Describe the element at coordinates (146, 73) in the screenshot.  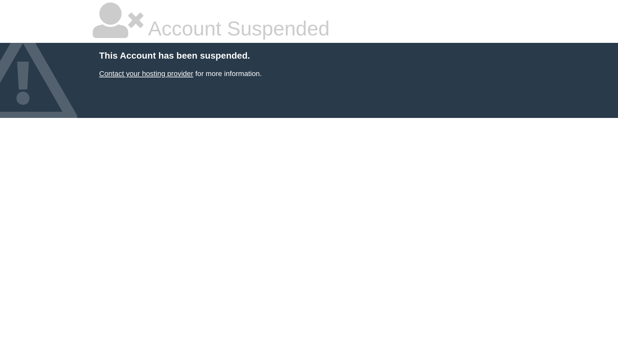
I see `'Contact your hosting provider'` at that location.